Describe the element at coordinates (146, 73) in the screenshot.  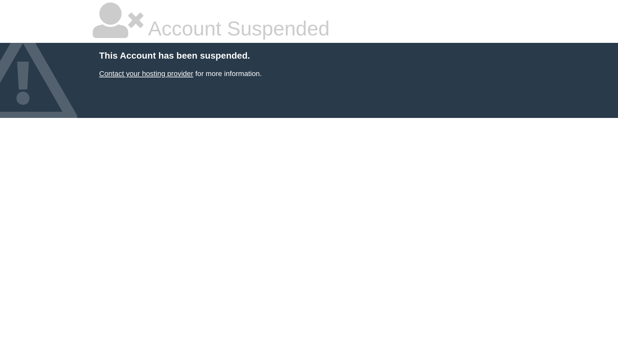
I see `'Contact your hosting provider'` at that location.